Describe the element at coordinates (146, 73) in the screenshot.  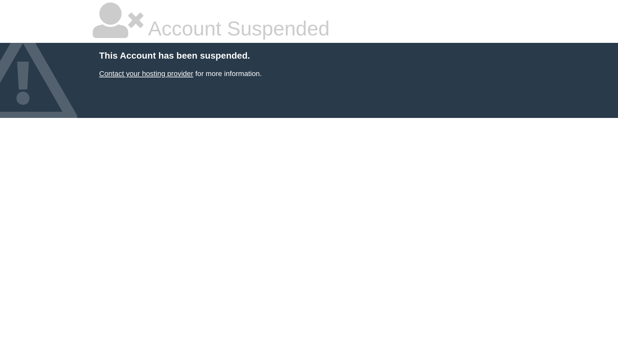
I see `'Contact your hosting provider'` at that location.